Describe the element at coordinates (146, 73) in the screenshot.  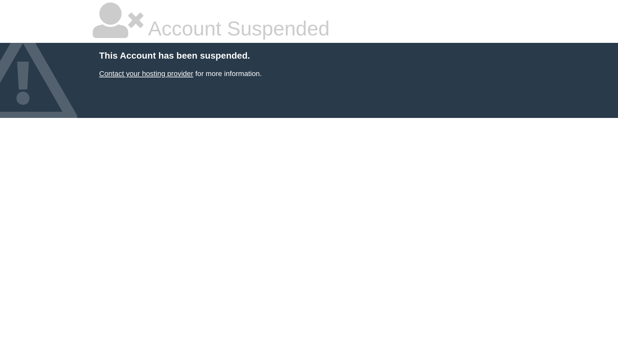
I see `'Contact your hosting provider'` at that location.